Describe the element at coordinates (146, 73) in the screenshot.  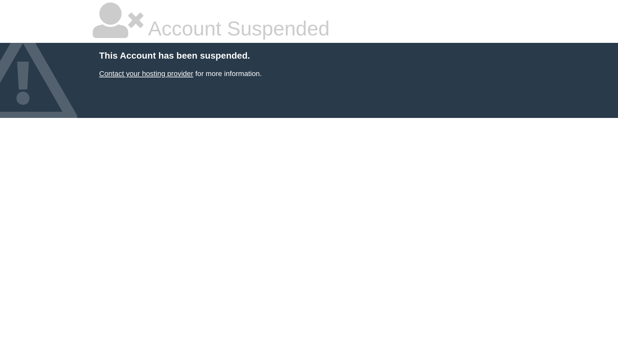
I see `'Contact your hosting provider'` at that location.